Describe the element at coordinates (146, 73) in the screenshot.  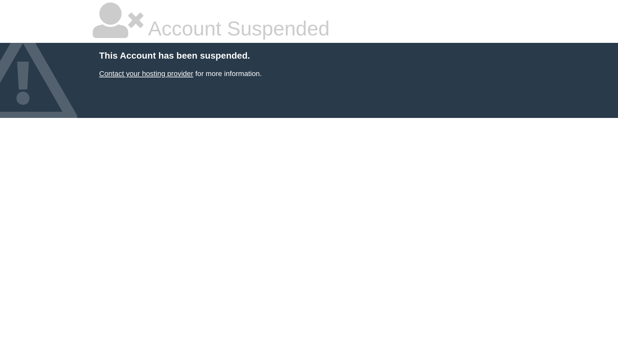
I see `'Contact your hosting provider'` at that location.